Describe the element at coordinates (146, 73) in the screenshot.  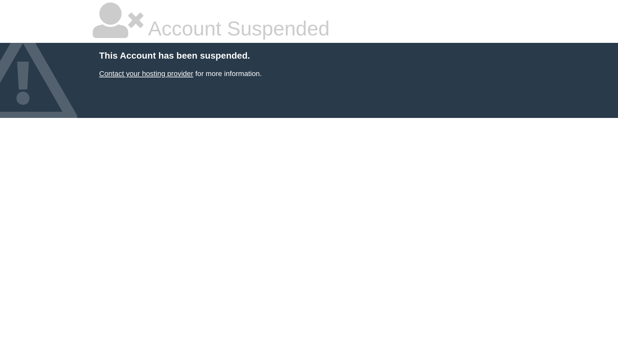
I see `'Contact your hosting provider'` at that location.